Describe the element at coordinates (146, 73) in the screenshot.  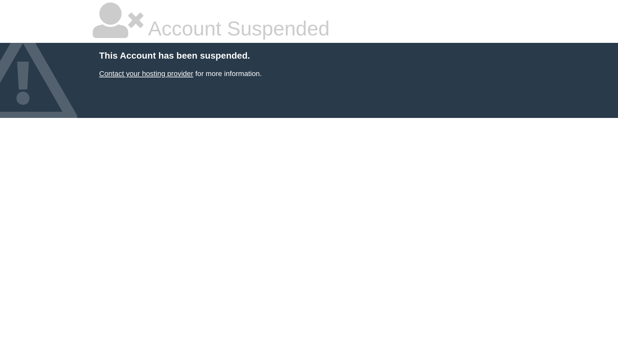
I see `'Contact your hosting provider'` at that location.